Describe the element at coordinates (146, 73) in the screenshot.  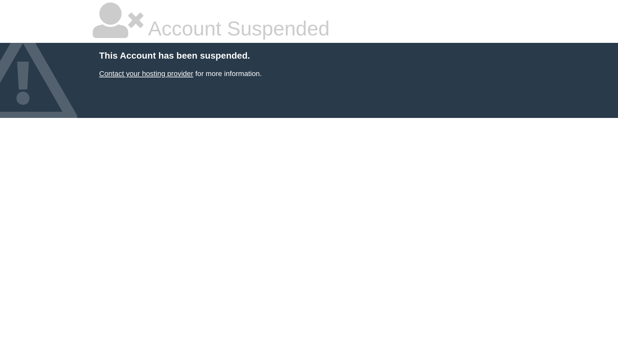
I see `'Contact your hosting provider'` at that location.